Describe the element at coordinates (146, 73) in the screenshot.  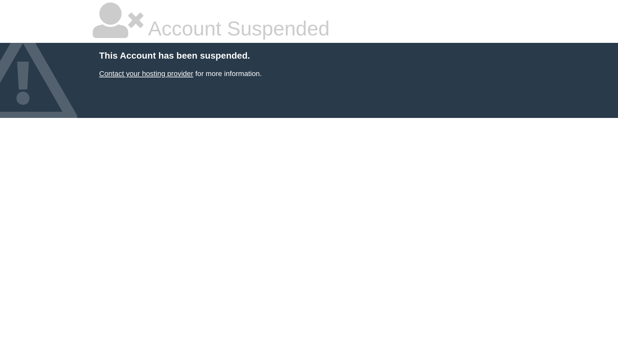
I see `'Contact your hosting provider'` at that location.